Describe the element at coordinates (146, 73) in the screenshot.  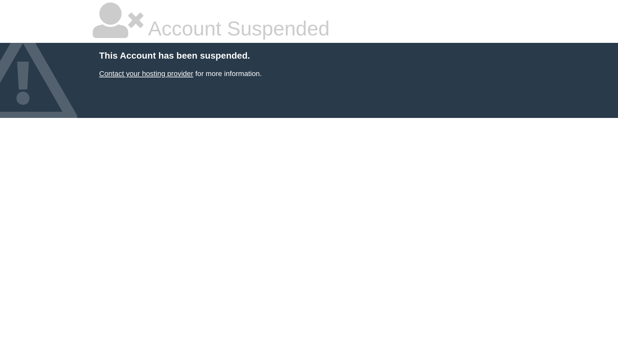
I see `'Contact your hosting provider'` at that location.